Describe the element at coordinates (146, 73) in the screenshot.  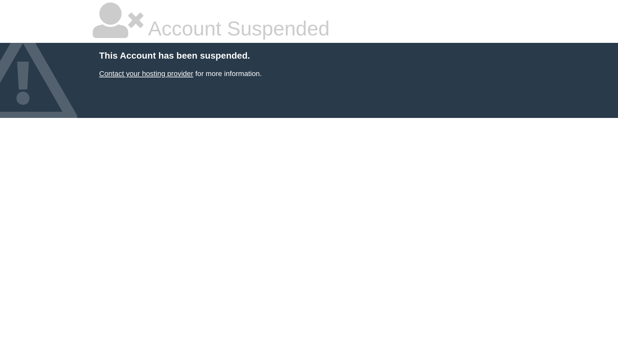
I see `'Contact your hosting provider'` at that location.